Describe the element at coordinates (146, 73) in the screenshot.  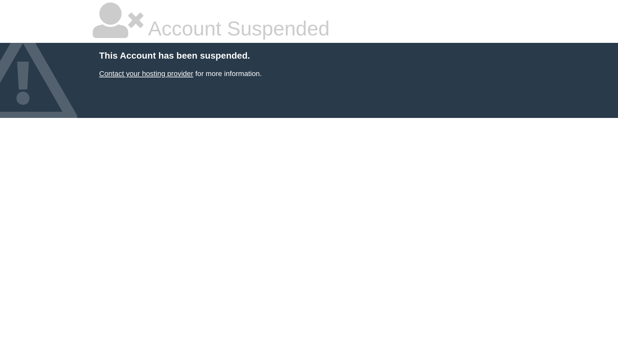
I see `'Contact your hosting provider'` at that location.